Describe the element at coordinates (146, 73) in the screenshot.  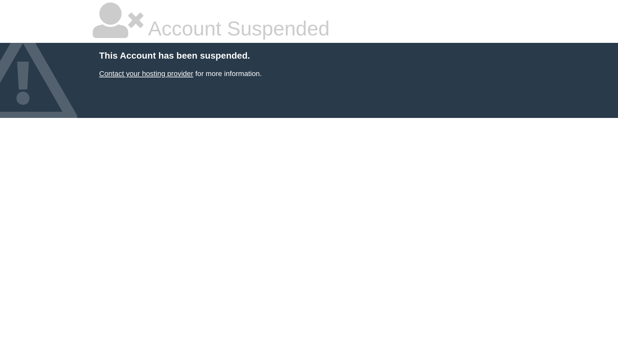
I see `'Contact your hosting provider'` at that location.